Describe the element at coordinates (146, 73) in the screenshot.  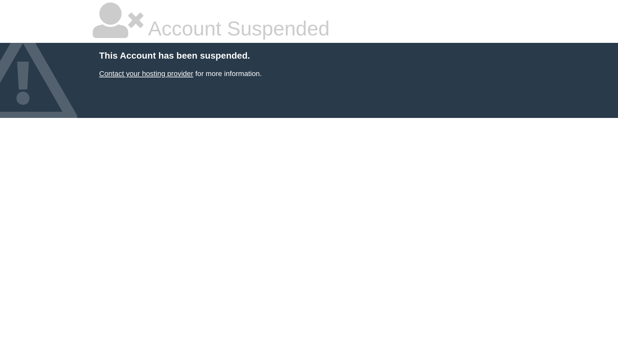
I see `'Contact your hosting provider'` at that location.